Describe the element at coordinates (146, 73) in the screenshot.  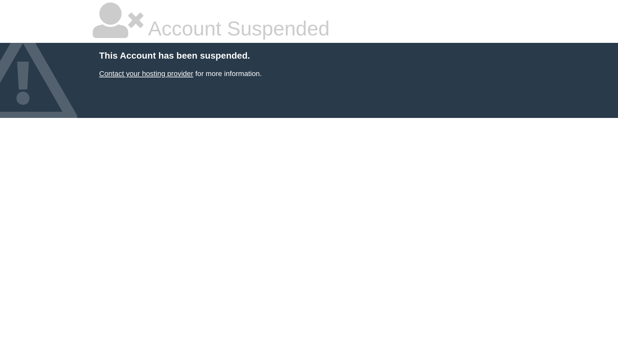
I see `'Contact your hosting provider'` at that location.